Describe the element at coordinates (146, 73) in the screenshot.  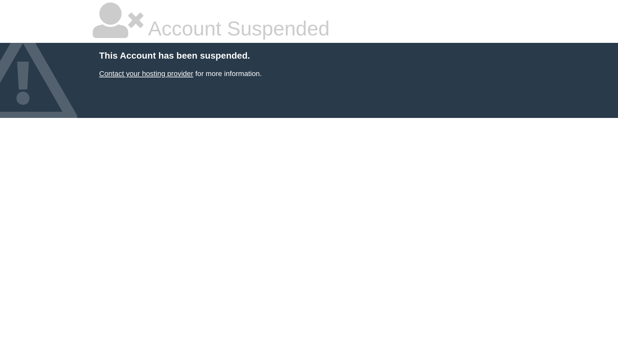
I see `'Contact your hosting provider'` at that location.